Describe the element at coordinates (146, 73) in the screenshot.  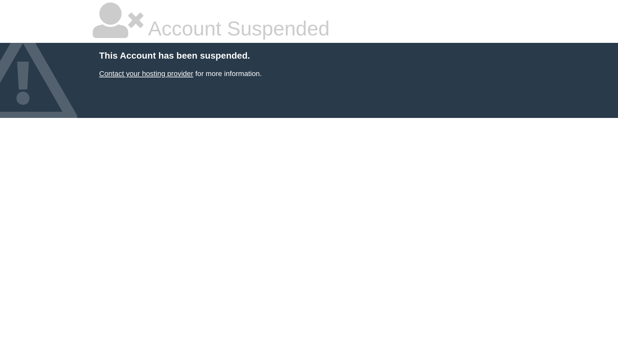
I see `'Contact your hosting provider'` at that location.